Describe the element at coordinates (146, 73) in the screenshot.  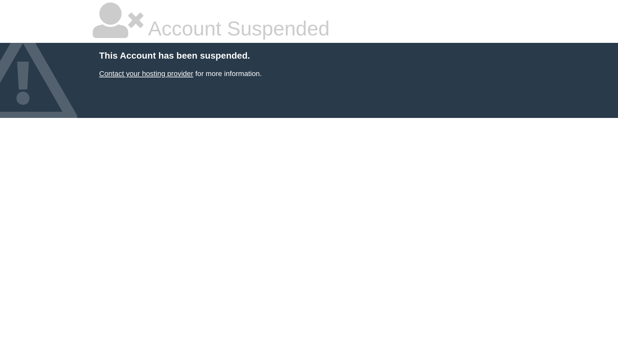
I see `'Contact your hosting provider'` at that location.